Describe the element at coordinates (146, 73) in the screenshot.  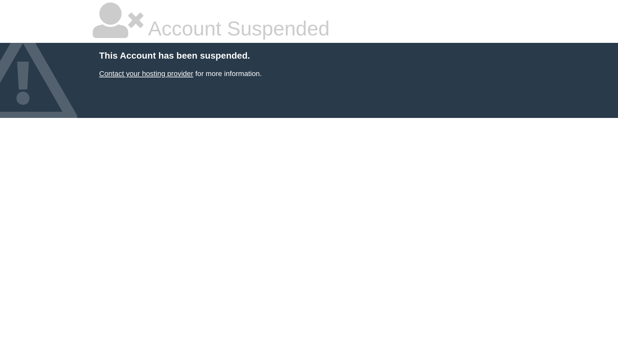
I see `'Contact your hosting provider'` at that location.